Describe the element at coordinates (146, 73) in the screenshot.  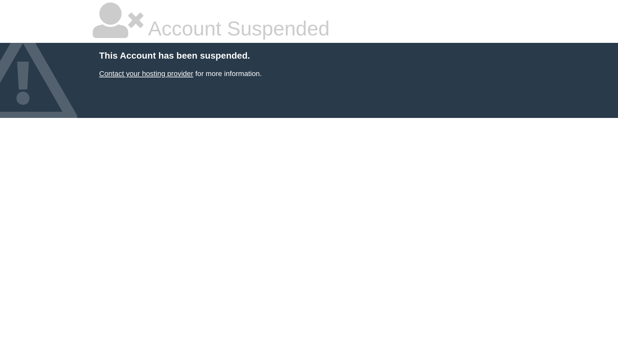
I see `'Contact your hosting provider'` at that location.